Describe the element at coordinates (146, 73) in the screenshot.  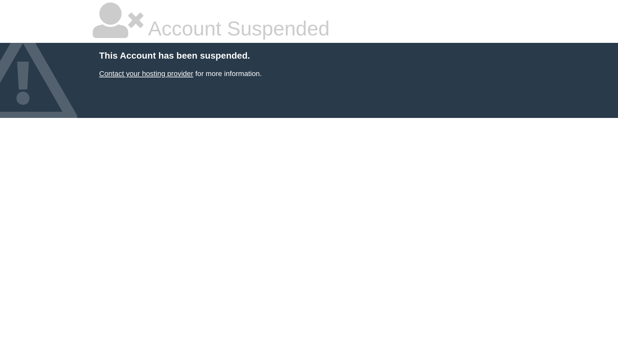
I see `'Contact your hosting provider'` at that location.